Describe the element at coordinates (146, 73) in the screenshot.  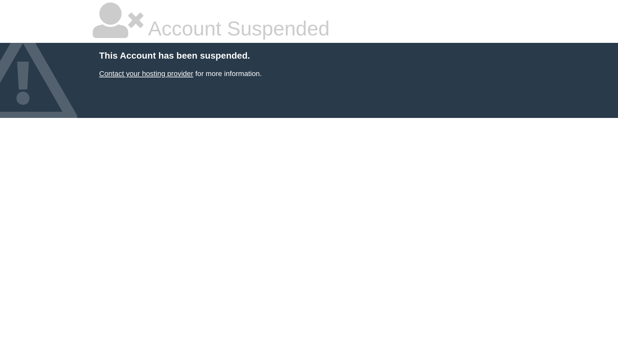
I see `'Contact your hosting provider'` at that location.